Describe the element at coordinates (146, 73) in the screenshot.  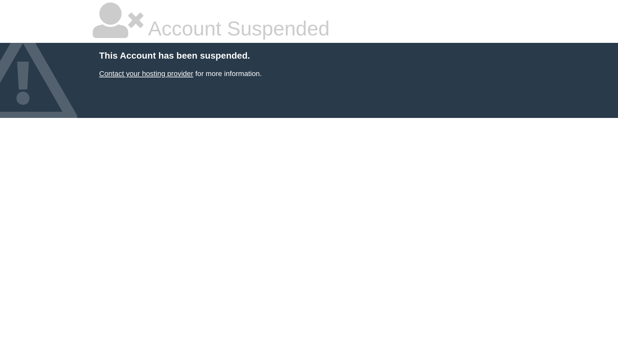
I see `'Contact your hosting provider'` at that location.